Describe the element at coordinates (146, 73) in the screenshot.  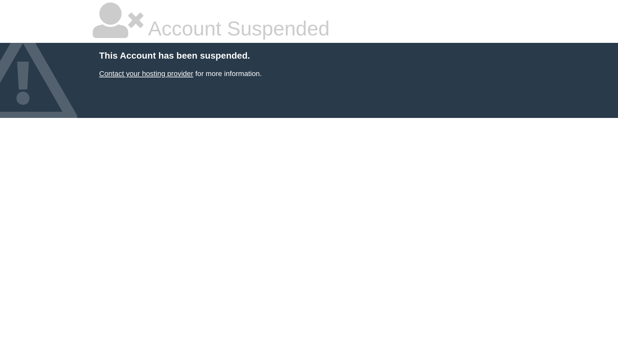
I see `'Contact your hosting provider'` at that location.